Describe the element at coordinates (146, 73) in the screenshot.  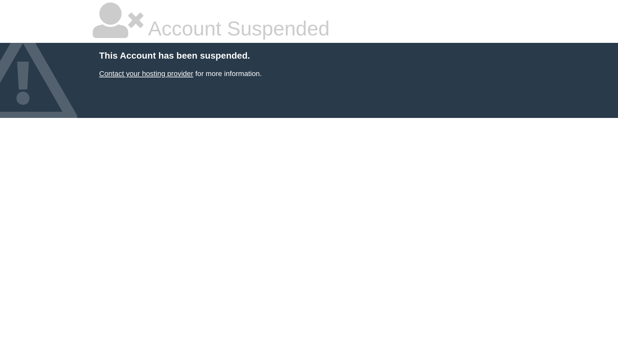
I see `'Contact your hosting provider'` at that location.